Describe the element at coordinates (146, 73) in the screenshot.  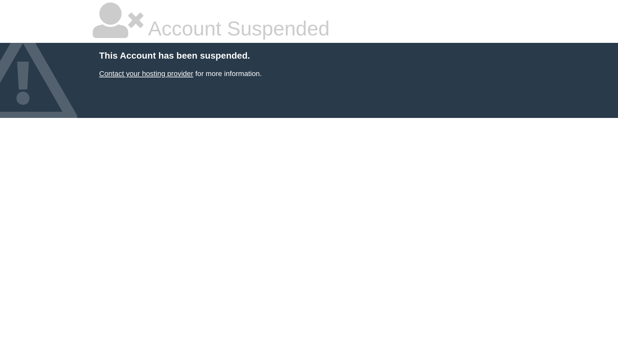
I see `'Contact your hosting provider'` at that location.